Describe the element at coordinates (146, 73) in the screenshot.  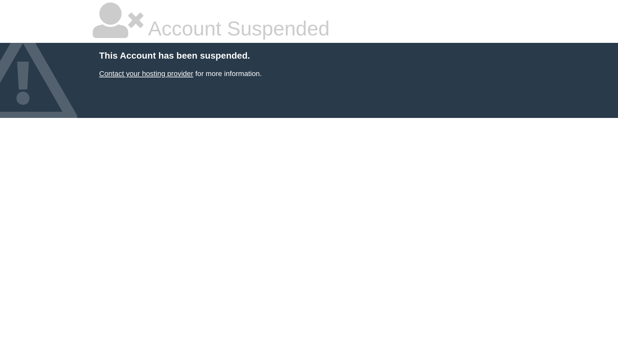
I see `'Contact your hosting provider'` at that location.